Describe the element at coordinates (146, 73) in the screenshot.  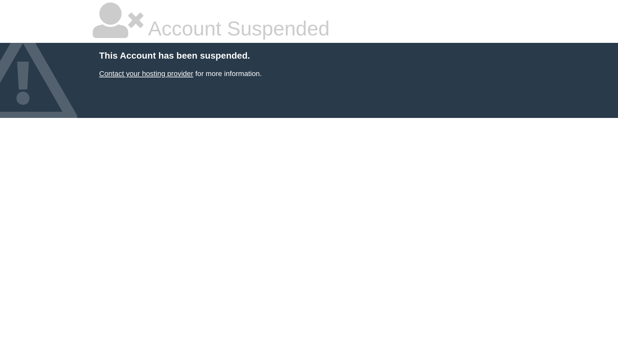
I see `'Contact your hosting provider'` at that location.